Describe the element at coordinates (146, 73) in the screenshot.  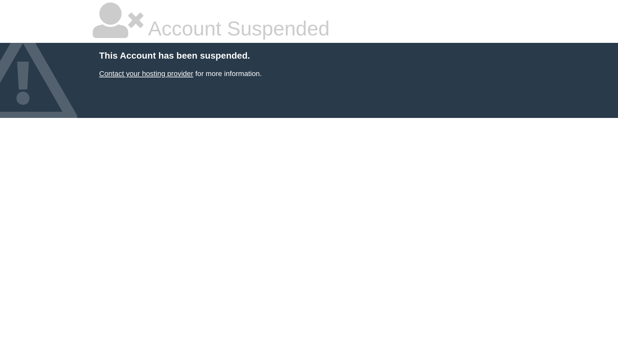
I see `'Contact your hosting provider'` at that location.